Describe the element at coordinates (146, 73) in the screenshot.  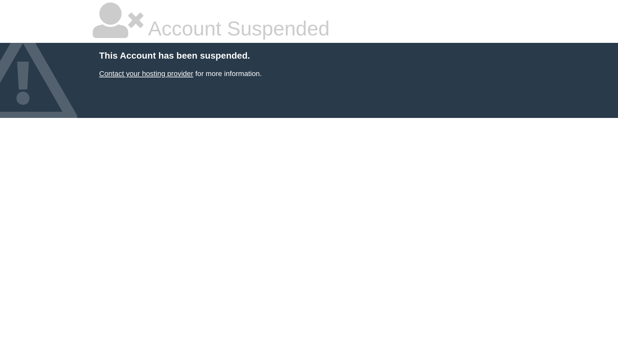
I see `'Contact your hosting provider'` at that location.